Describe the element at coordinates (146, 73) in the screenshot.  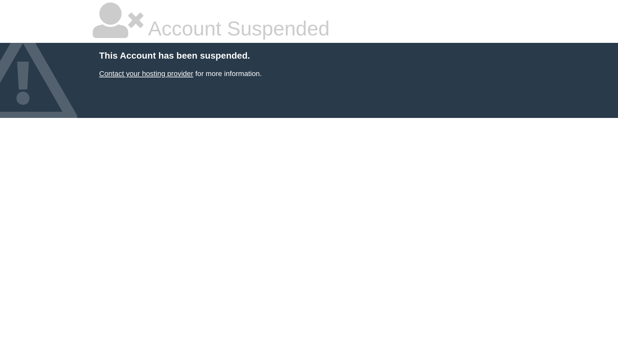
I see `'Contact your hosting provider'` at that location.